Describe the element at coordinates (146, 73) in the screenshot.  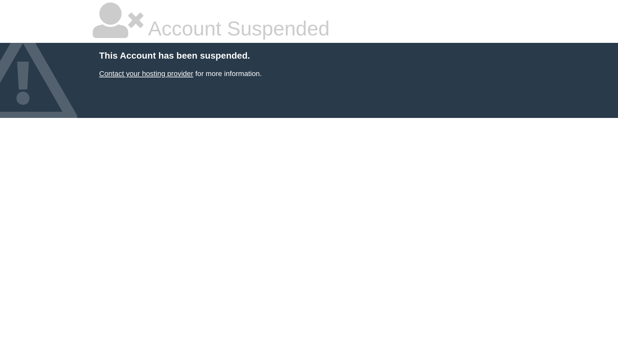
I see `'Contact your hosting provider'` at that location.